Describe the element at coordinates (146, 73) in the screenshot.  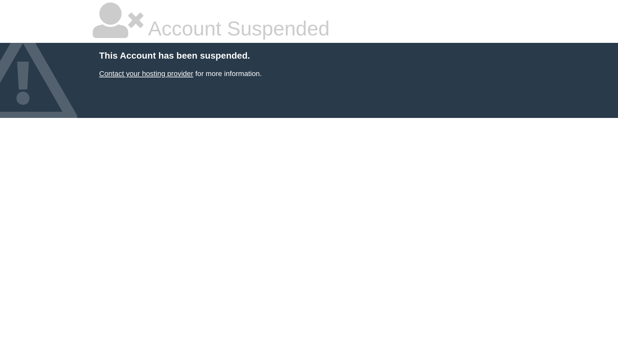
I see `'Contact your hosting provider'` at that location.